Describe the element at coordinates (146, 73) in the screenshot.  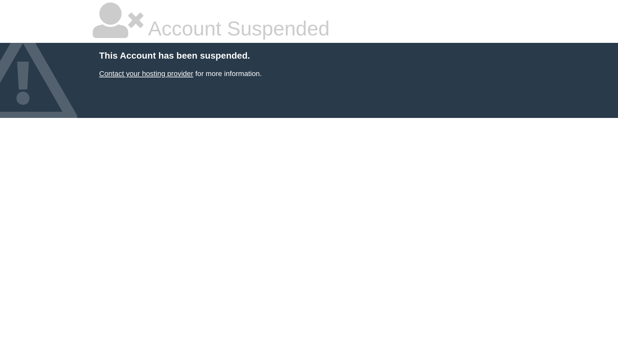
I see `'Contact your hosting provider'` at that location.